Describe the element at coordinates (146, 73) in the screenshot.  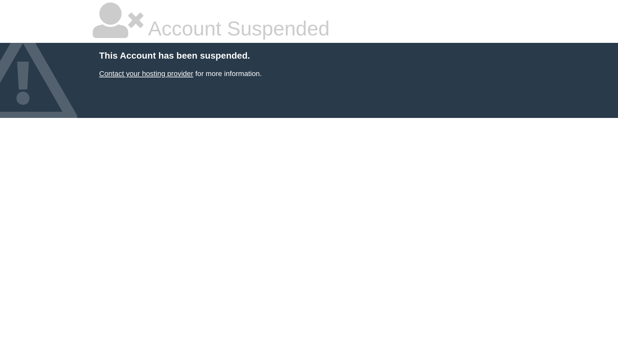
I see `'Contact your hosting provider'` at that location.